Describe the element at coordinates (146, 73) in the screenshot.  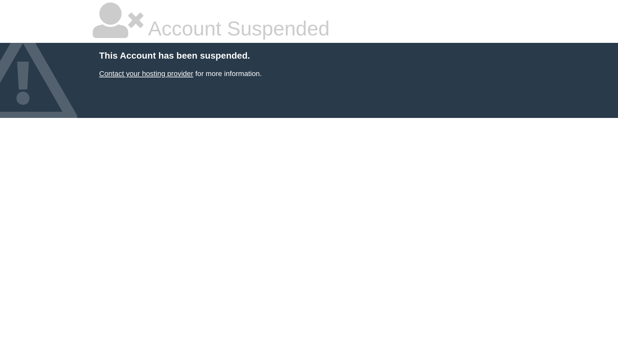
I see `'Contact your hosting provider'` at that location.